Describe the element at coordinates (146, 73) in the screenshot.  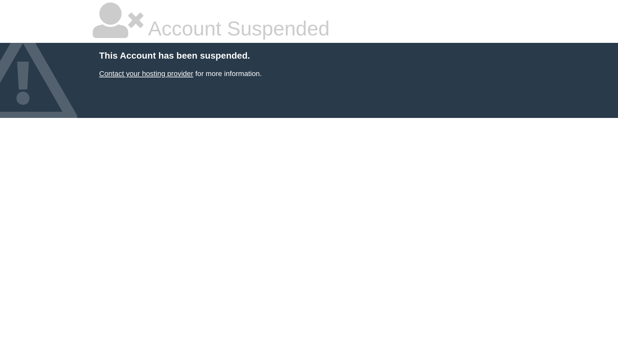
I see `'Contact your hosting provider'` at that location.